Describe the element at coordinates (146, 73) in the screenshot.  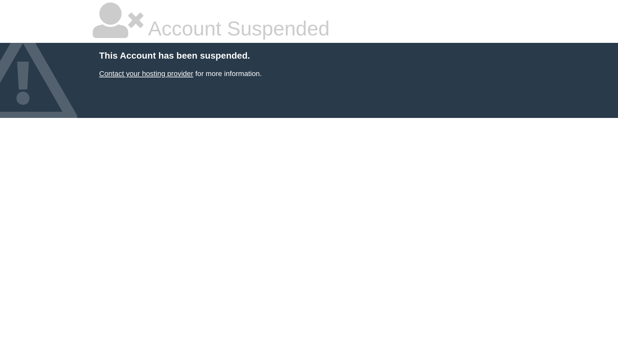
I see `'Contact your hosting provider'` at that location.